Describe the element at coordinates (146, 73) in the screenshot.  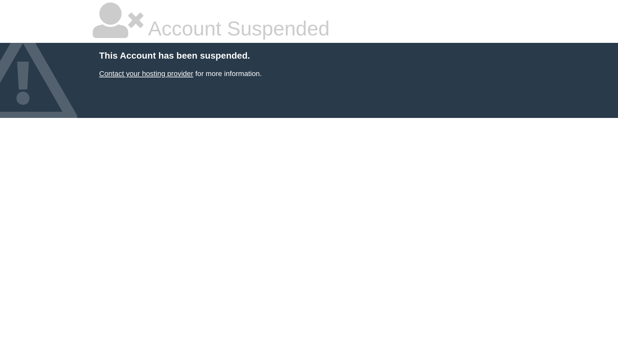
I see `'Contact your hosting provider'` at that location.